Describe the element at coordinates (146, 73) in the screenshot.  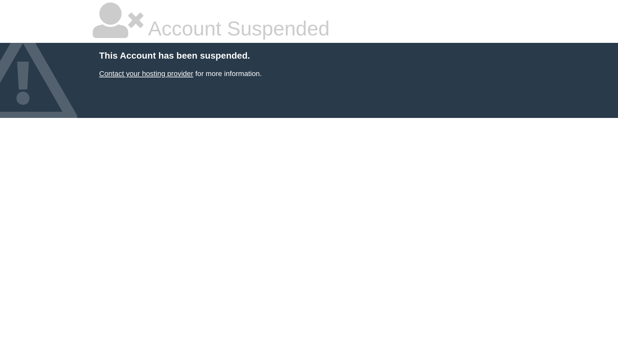
I see `'Contact your hosting provider'` at that location.